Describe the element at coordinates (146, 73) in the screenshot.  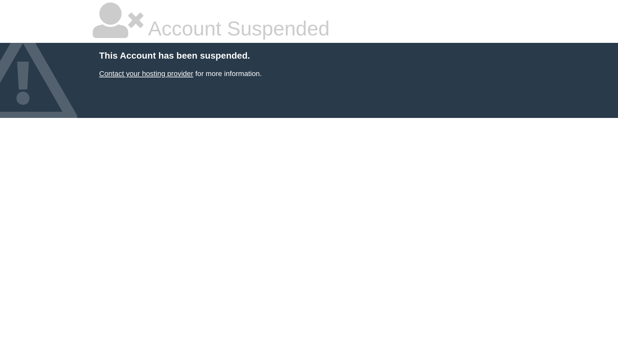
I see `'Contact your hosting provider'` at that location.